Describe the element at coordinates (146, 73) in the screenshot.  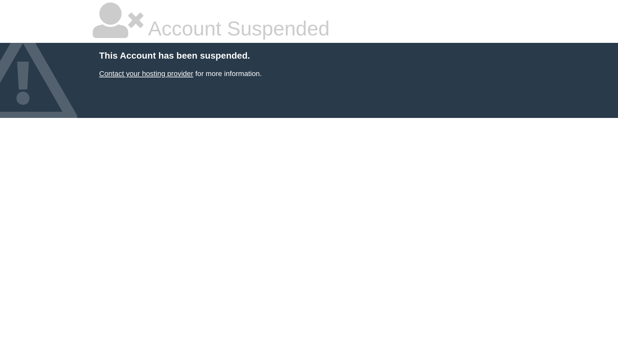
I see `'Contact your hosting provider'` at that location.